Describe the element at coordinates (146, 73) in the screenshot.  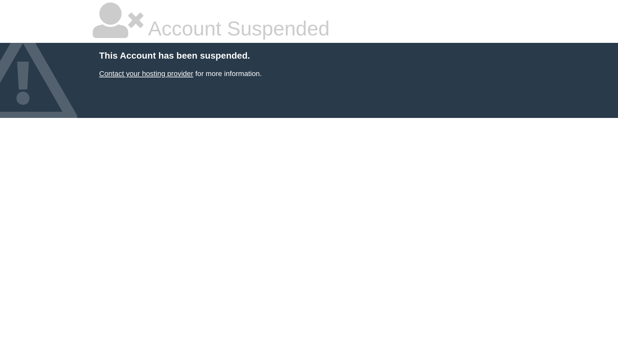
I see `'Contact your hosting provider'` at that location.